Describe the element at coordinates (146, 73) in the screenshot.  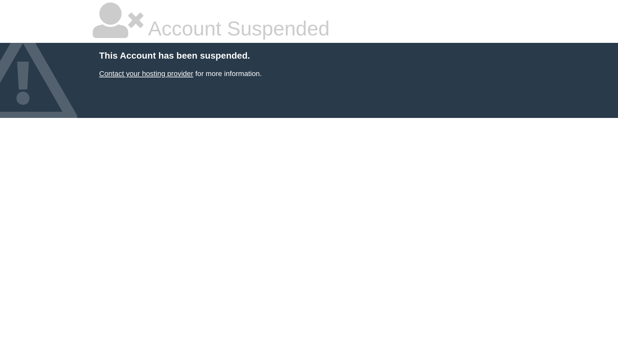
I see `'Contact your hosting provider'` at that location.